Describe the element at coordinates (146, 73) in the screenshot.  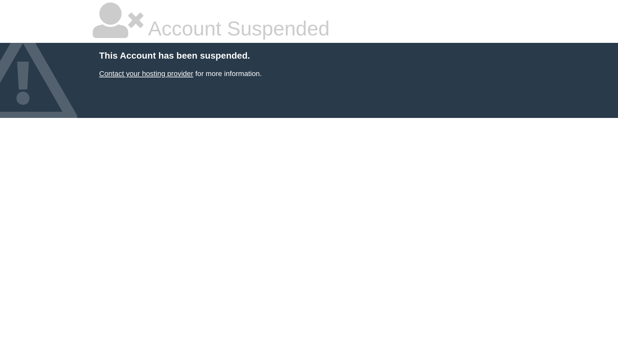
I see `'Contact your hosting provider'` at that location.